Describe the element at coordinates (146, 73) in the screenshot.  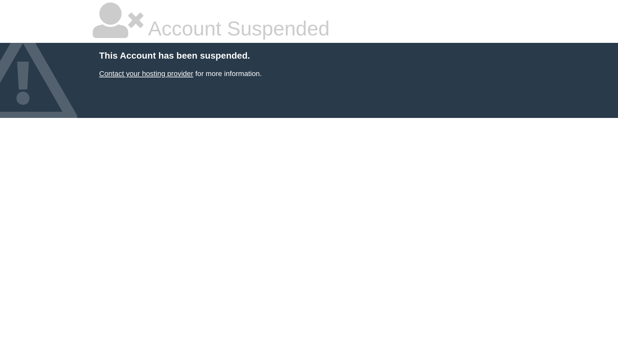
I see `'Contact your hosting provider'` at that location.